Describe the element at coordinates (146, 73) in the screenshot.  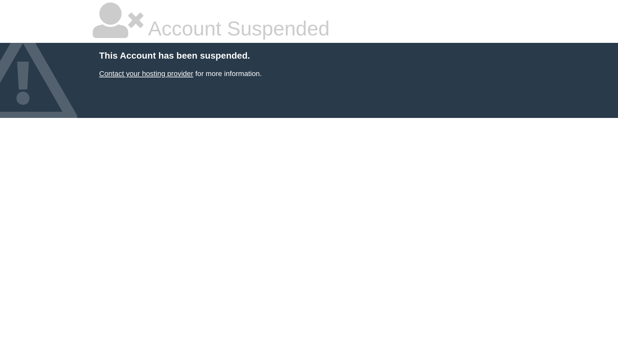
I see `'Contact your hosting provider'` at that location.